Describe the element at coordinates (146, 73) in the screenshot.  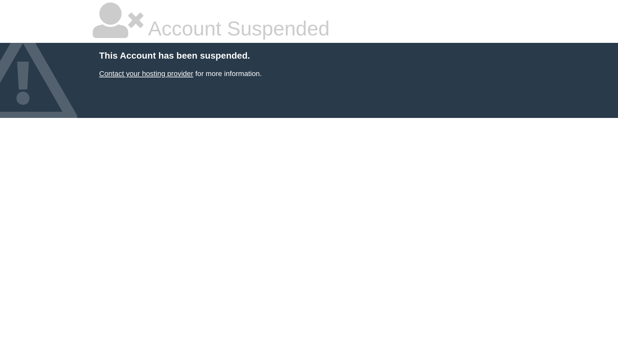
I see `'Contact your hosting provider'` at that location.